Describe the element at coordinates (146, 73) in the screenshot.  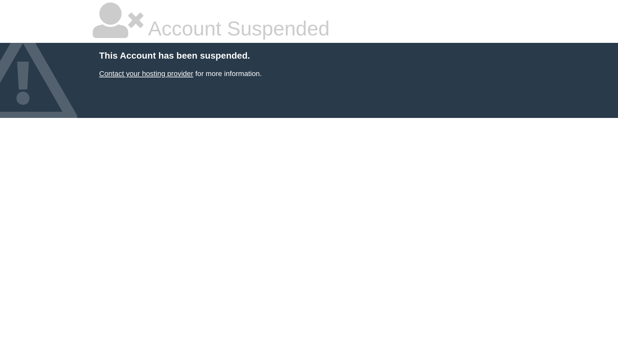
I see `'Contact your hosting provider'` at that location.